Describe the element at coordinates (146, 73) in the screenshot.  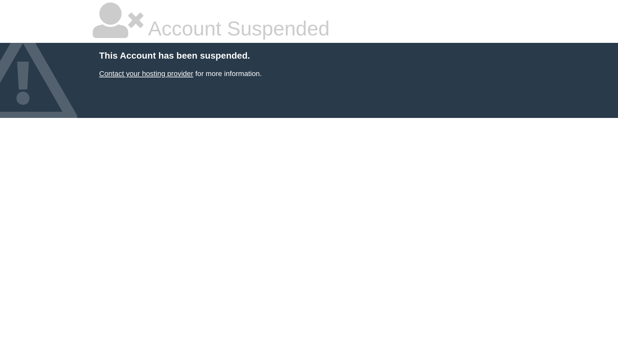
I see `'Contact your hosting provider'` at that location.